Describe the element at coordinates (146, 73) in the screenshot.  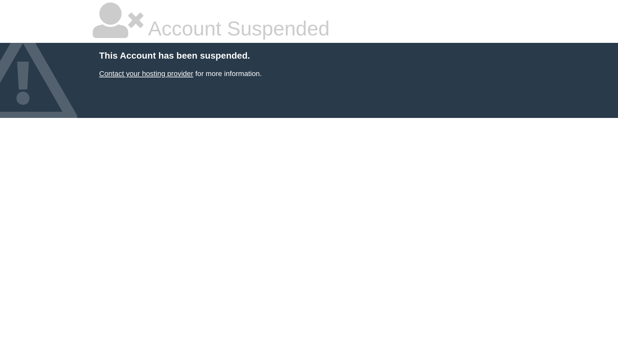
I see `'Contact your hosting provider'` at that location.